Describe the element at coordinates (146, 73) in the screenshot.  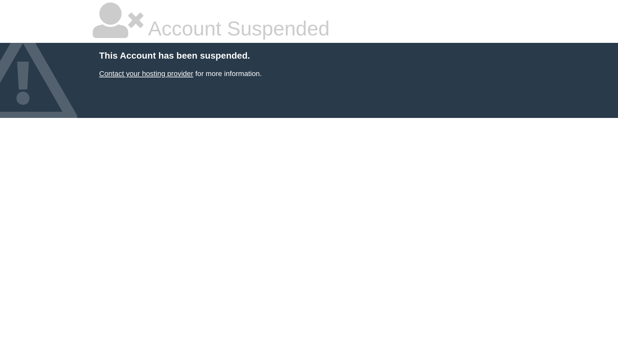
I see `'Contact your hosting provider'` at that location.